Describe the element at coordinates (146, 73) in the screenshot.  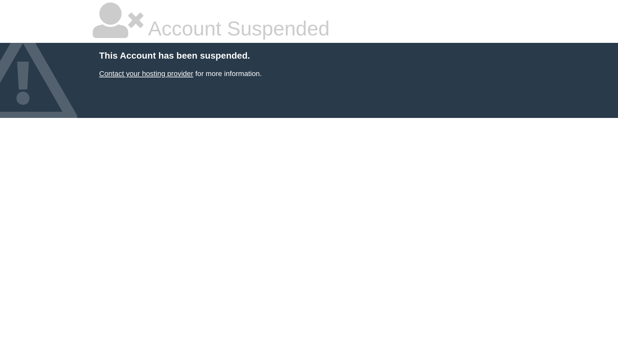
I see `'Contact your hosting provider'` at that location.